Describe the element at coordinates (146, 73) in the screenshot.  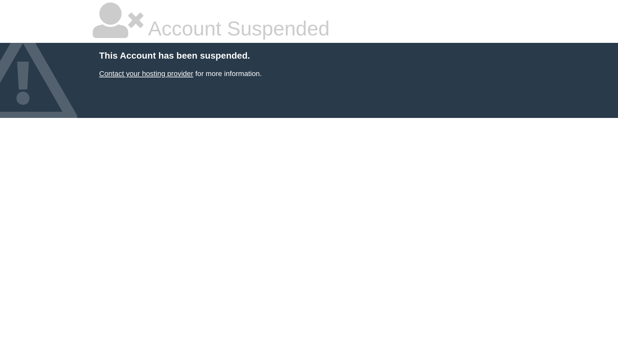
I see `'Contact your hosting provider'` at that location.